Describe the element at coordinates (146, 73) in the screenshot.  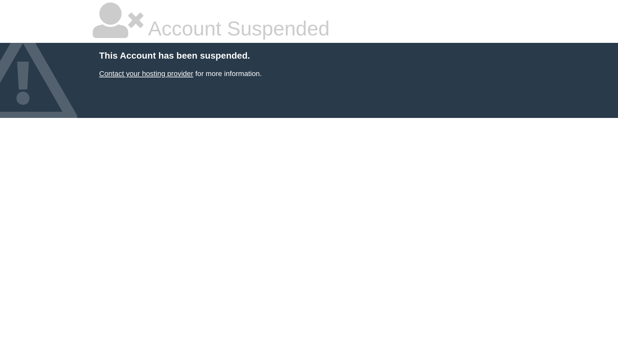
I see `'Contact your hosting provider'` at that location.